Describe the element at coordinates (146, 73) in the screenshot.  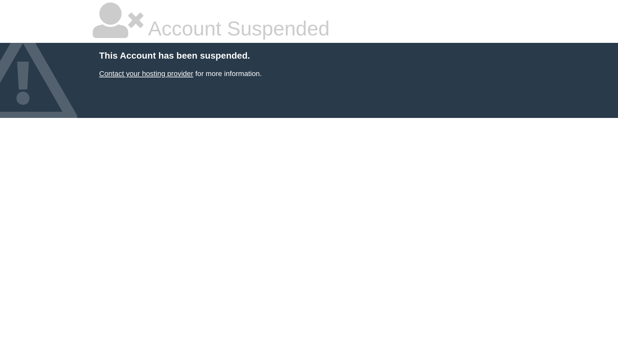
I see `'Contact your hosting provider'` at that location.